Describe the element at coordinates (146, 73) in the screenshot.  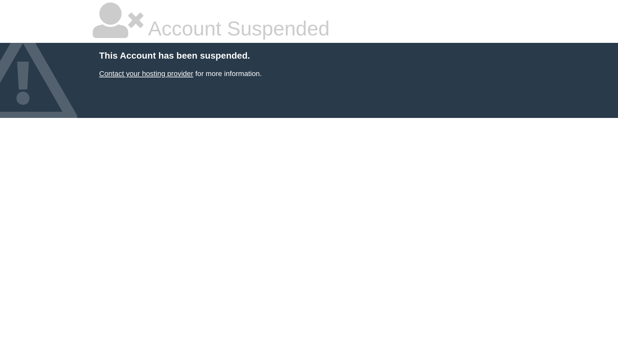
I see `'Contact your hosting provider'` at that location.